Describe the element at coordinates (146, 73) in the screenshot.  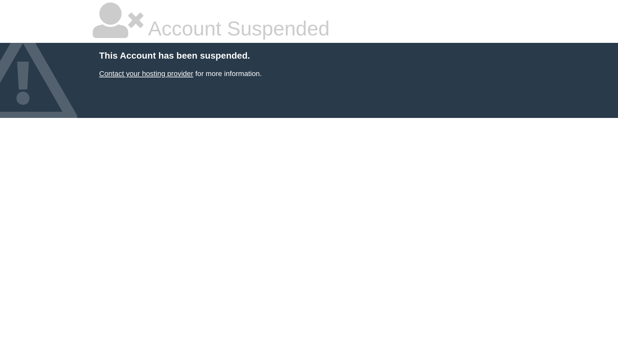
I see `'Contact your hosting provider'` at that location.